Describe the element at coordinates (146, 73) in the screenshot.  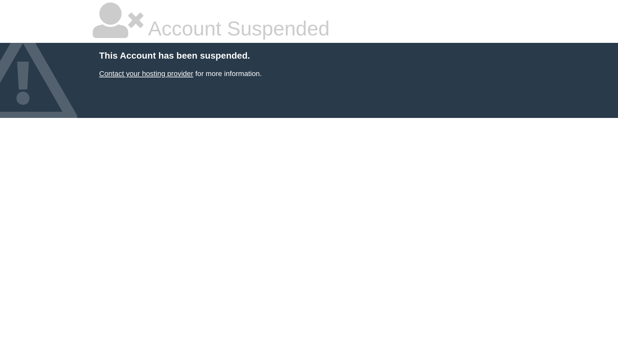
I see `'Contact your hosting provider'` at that location.